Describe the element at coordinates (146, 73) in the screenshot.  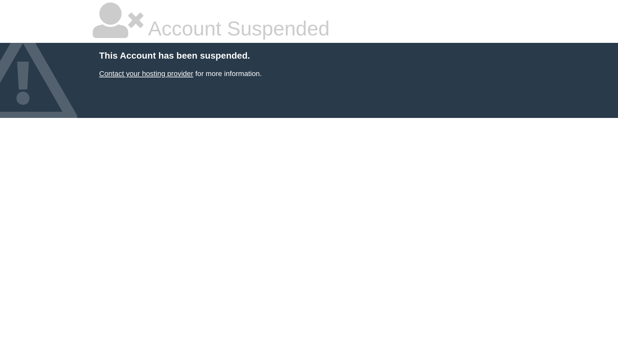
I see `'Contact your hosting provider'` at that location.